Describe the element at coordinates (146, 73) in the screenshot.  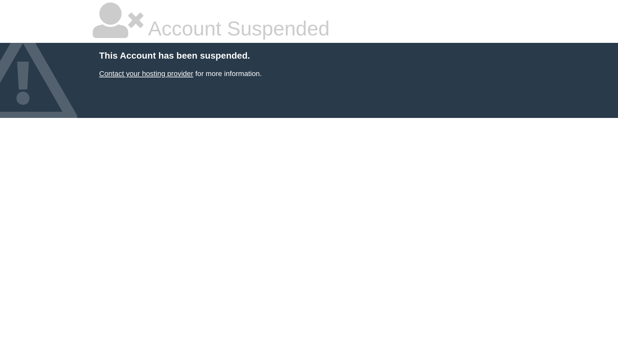
I see `'Contact your hosting provider'` at that location.